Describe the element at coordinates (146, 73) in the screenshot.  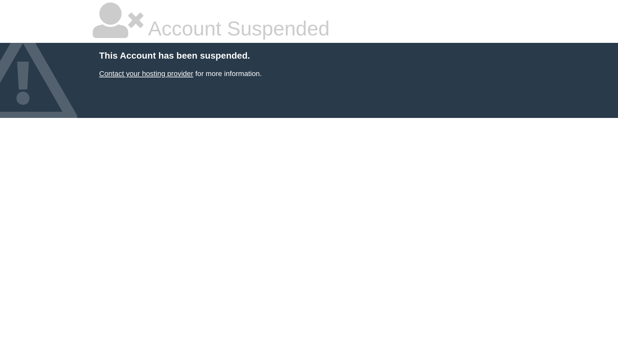
I see `'Contact your hosting provider'` at that location.